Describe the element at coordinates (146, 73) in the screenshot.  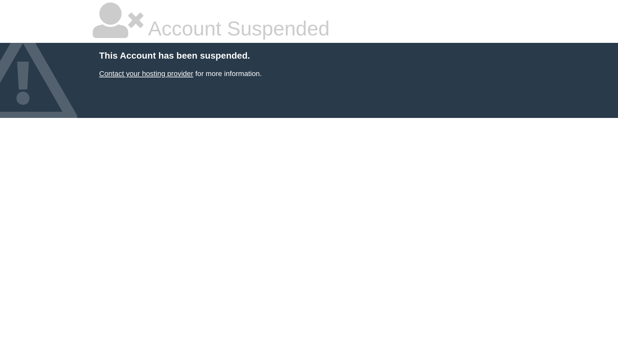
I see `'Contact your hosting provider'` at that location.